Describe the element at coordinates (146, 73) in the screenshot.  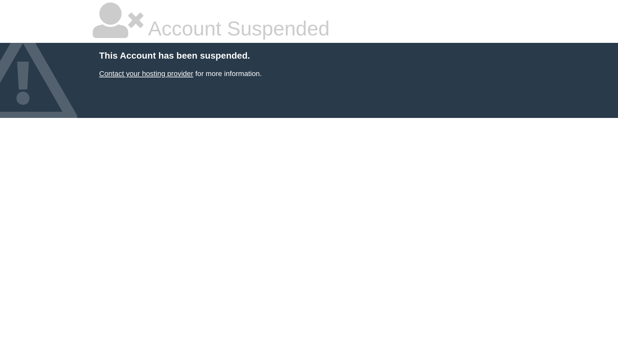
I see `'Contact your hosting provider'` at that location.